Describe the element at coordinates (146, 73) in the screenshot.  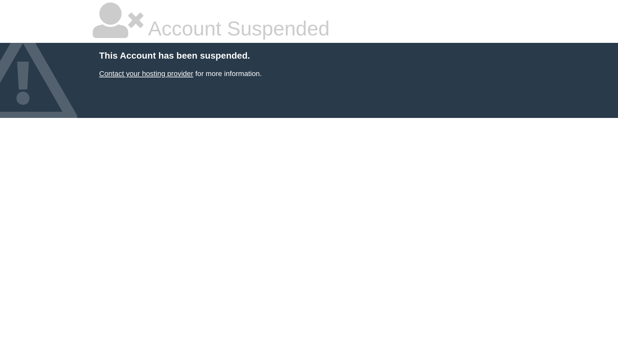
I see `'Contact your hosting provider'` at that location.